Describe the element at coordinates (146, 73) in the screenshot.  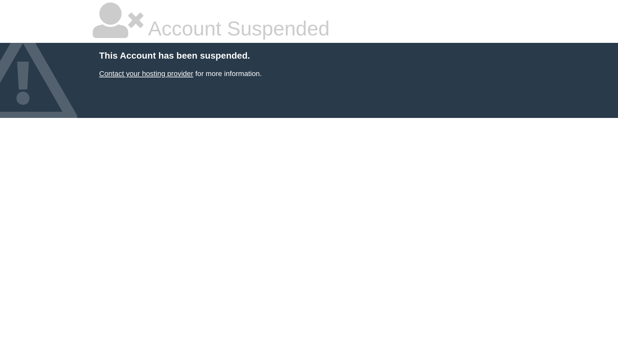
I see `'Contact your hosting provider'` at that location.